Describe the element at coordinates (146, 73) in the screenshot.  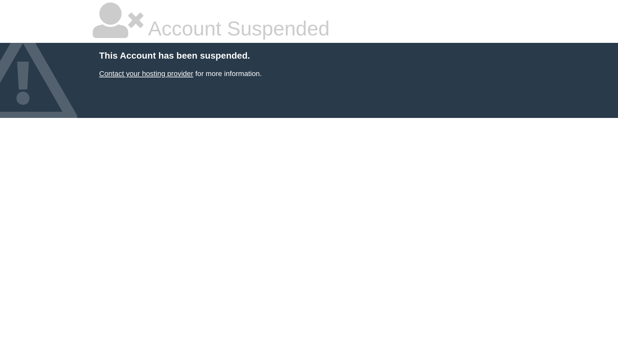
I see `'Contact your hosting provider'` at that location.